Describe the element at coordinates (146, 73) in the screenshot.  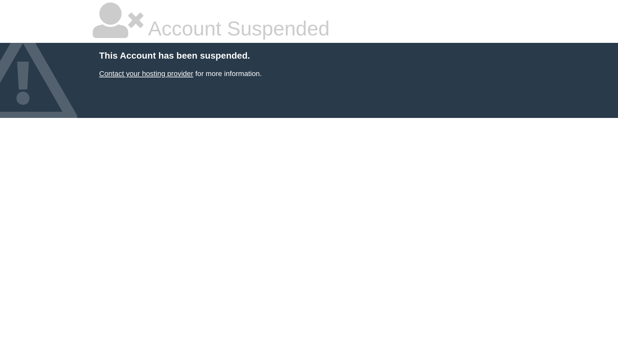
I see `'Contact your hosting provider'` at that location.